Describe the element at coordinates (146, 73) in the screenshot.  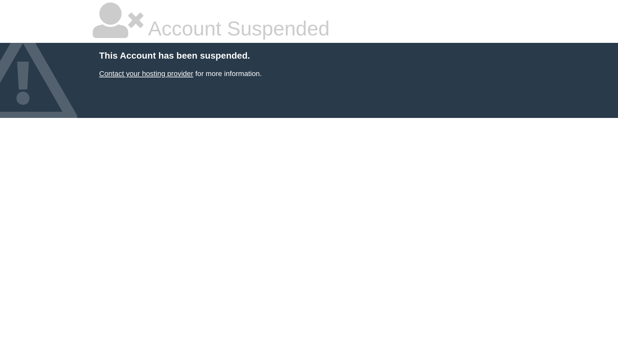
I see `'Contact your hosting provider'` at that location.